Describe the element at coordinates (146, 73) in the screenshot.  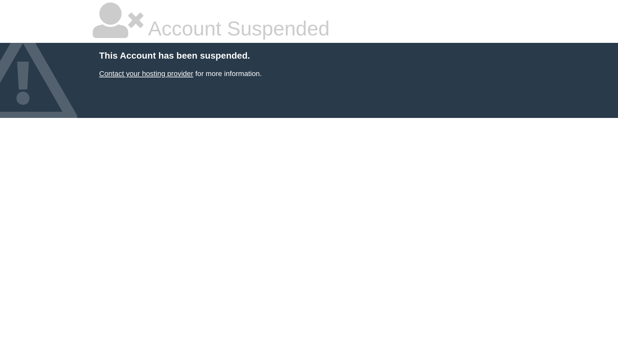
I see `'Contact your hosting provider'` at that location.